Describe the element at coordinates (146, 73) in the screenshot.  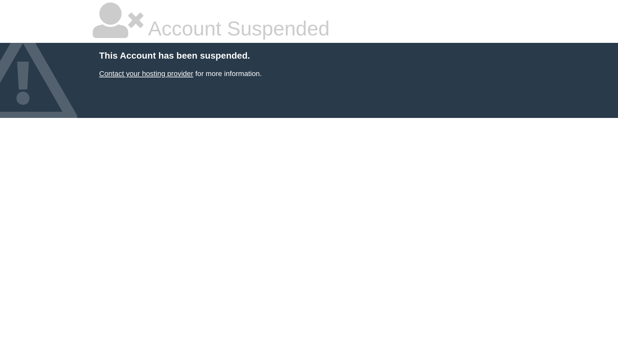
I see `'Contact your hosting provider'` at that location.